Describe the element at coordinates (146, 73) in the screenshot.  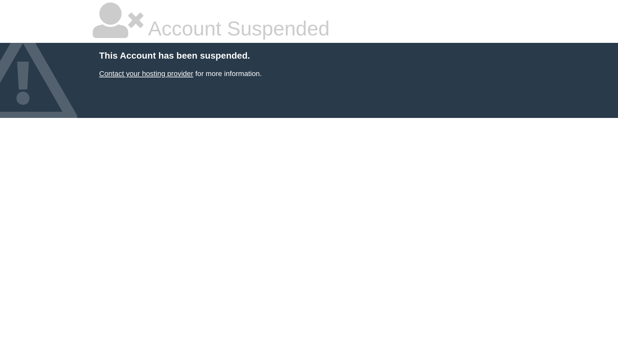
I see `'Contact your hosting provider'` at that location.